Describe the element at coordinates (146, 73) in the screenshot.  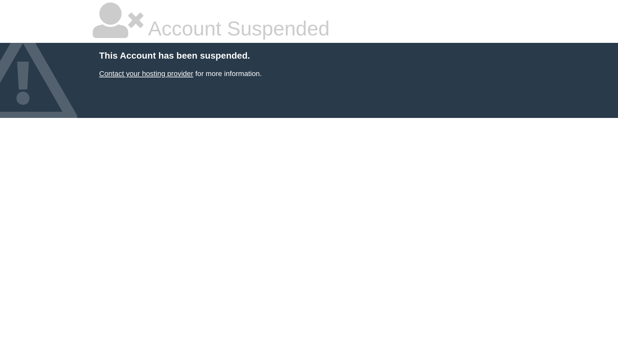
I see `'Contact your hosting provider'` at that location.